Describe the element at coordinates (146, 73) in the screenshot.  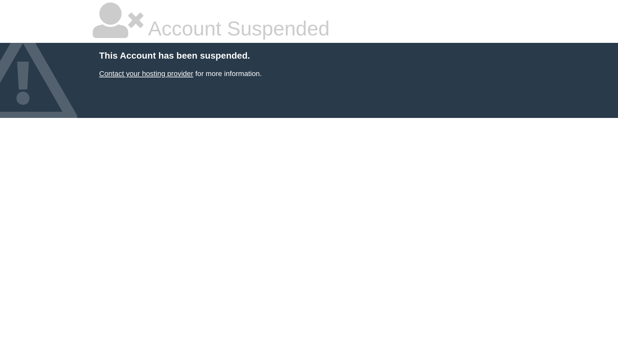
I see `'Contact your hosting provider'` at that location.